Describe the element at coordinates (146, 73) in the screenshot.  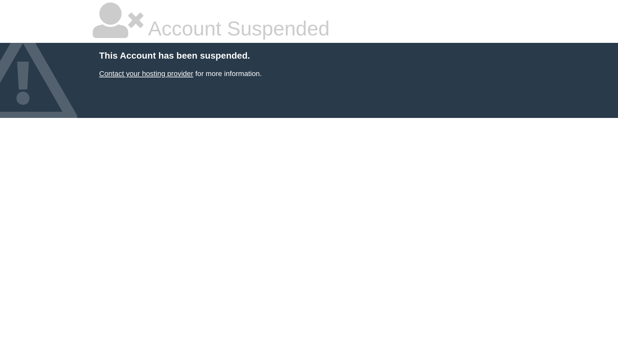
I see `'Contact your hosting provider'` at that location.